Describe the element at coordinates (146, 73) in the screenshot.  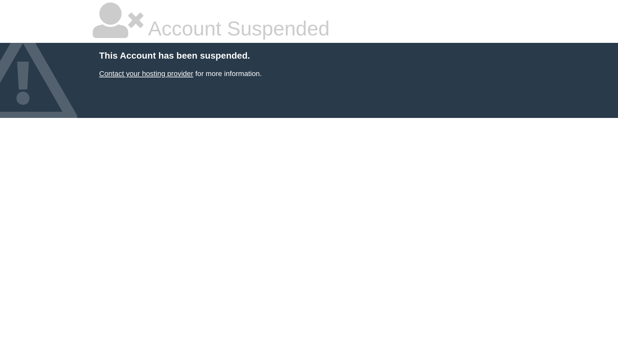
I see `'Contact your hosting provider'` at that location.